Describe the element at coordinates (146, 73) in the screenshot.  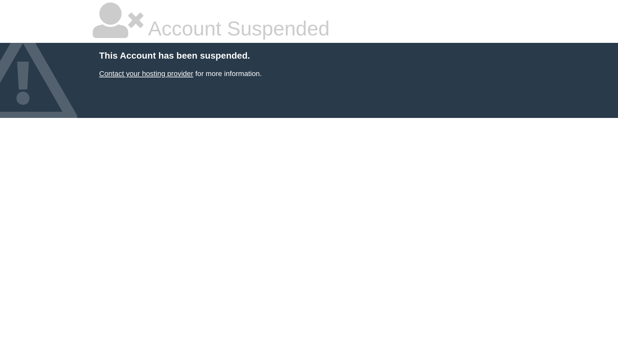
I see `'Contact your hosting provider'` at that location.